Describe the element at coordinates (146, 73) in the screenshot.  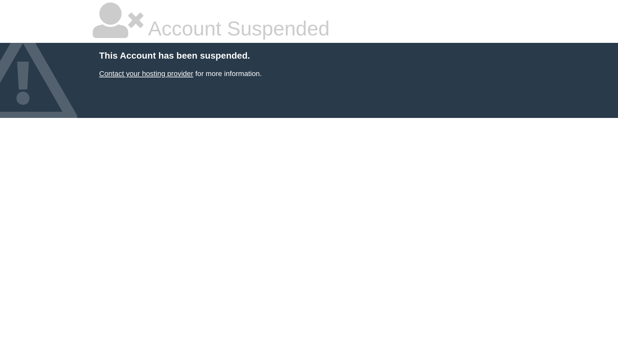
I see `'Contact your hosting provider'` at that location.